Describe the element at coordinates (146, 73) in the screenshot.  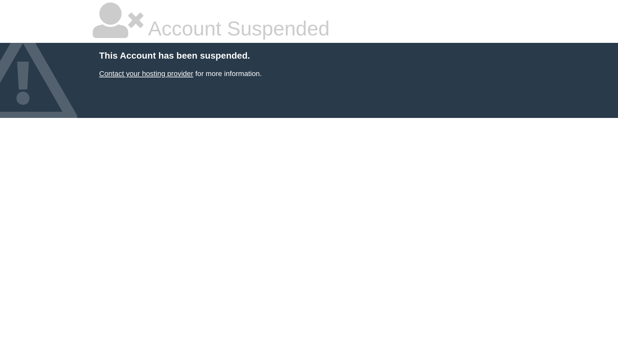
I see `'Contact your hosting provider'` at that location.